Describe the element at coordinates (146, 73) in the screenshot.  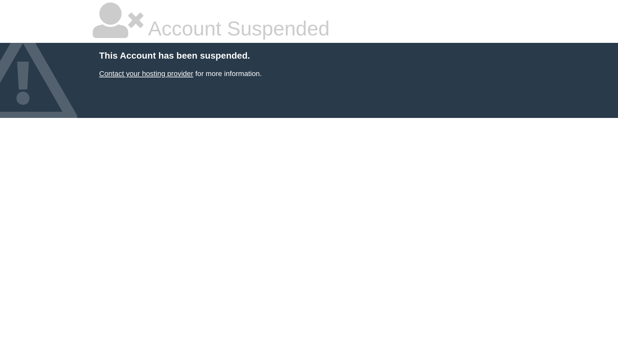
I see `'Contact your hosting provider'` at that location.